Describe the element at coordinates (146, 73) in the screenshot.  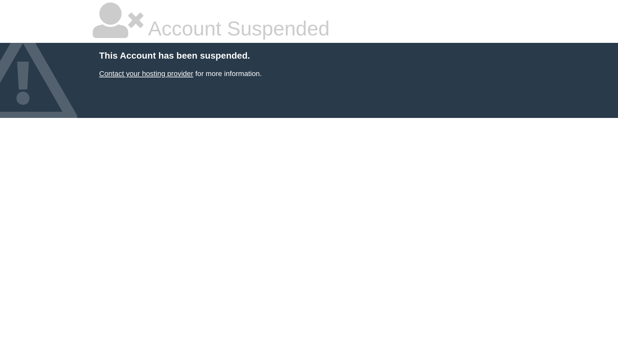
I see `'Contact your hosting provider'` at that location.